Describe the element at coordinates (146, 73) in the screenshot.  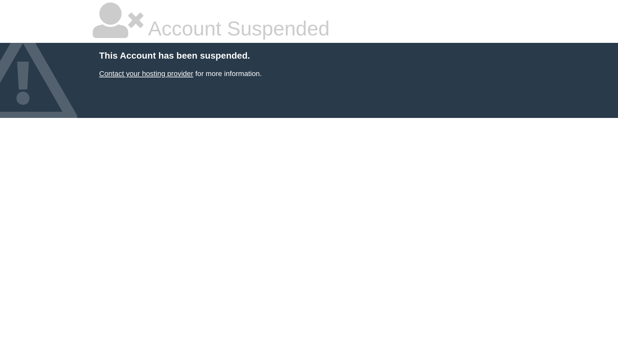
I see `'Contact your hosting provider'` at that location.